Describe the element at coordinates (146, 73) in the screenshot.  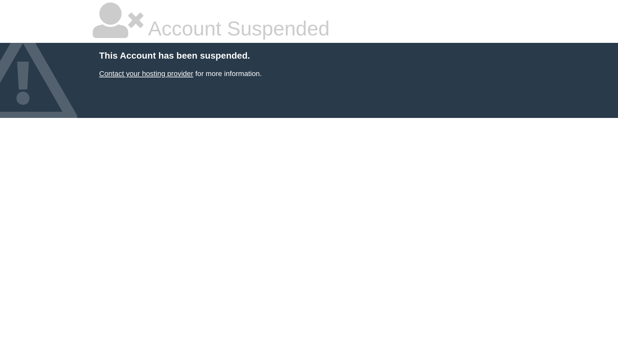
I see `'Contact your hosting provider'` at that location.